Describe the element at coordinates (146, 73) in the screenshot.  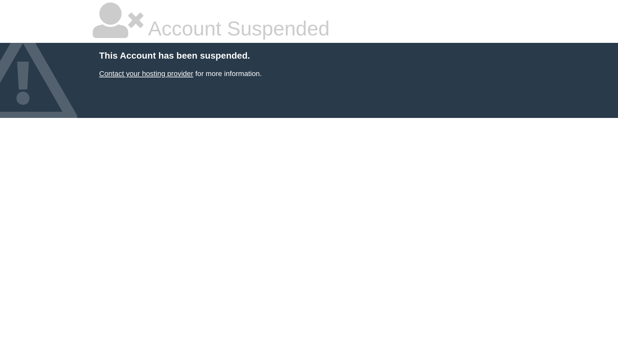
I see `'Contact your hosting provider'` at that location.